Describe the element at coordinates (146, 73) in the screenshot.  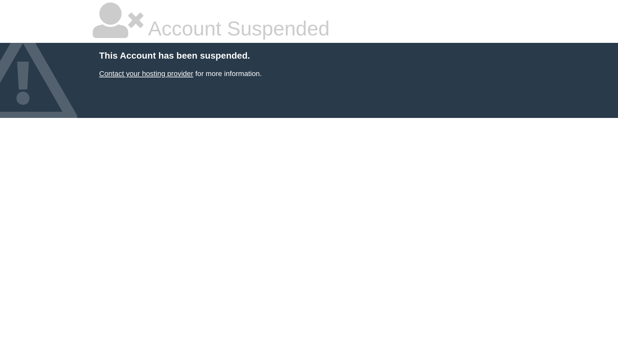
I see `'Contact your hosting provider'` at that location.